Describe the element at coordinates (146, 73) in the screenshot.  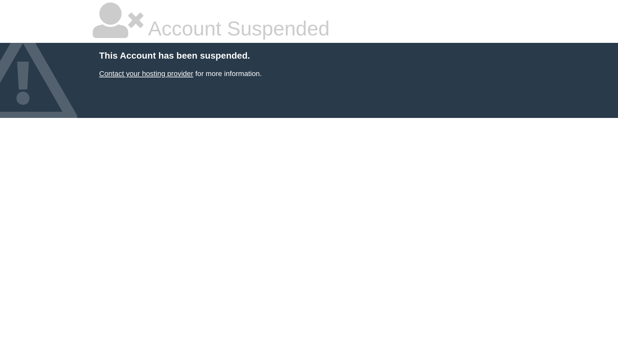
I see `'Contact your hosting provider'` at that location.